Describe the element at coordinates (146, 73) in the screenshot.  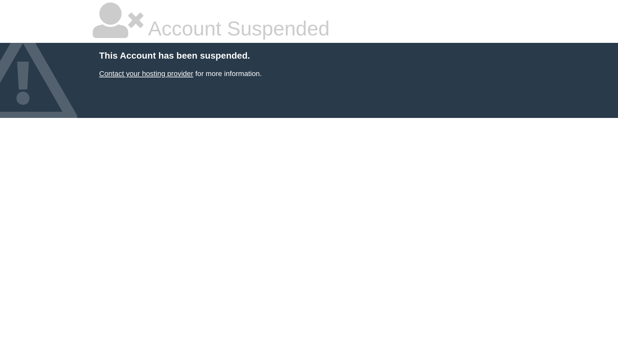
I see `'Contact your hosting provider'` at that location.